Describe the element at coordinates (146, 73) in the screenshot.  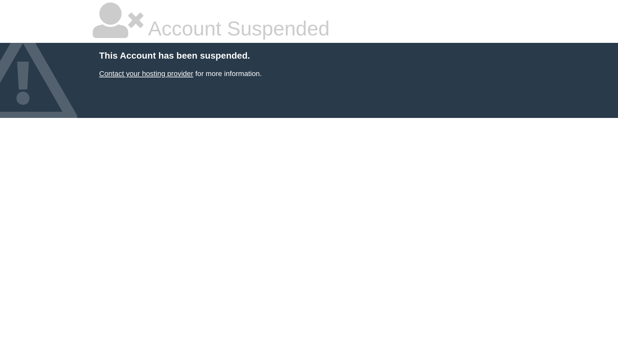
I see `'Contact your hosting provider'` at that location.